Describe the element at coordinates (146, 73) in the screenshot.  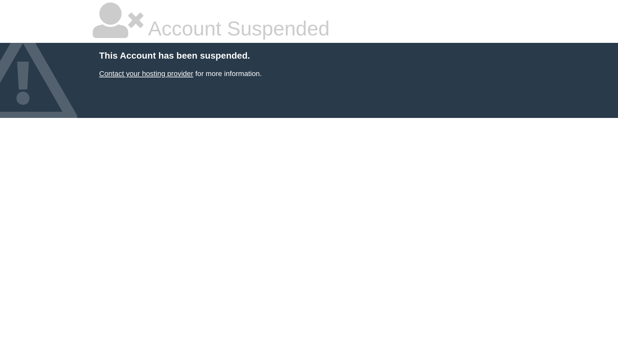
I see `'Contact your hosting provider'` at that location.